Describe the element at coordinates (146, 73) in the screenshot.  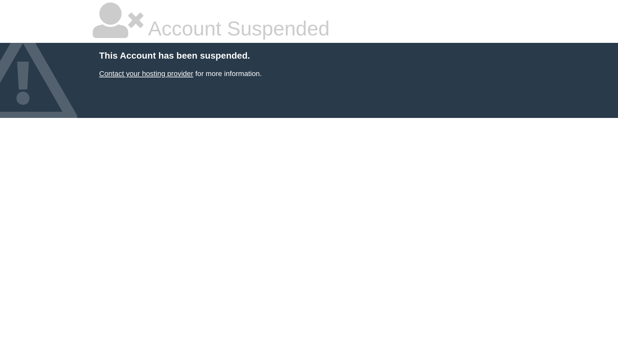
I see `'Contact your hosting provider'` at that location.